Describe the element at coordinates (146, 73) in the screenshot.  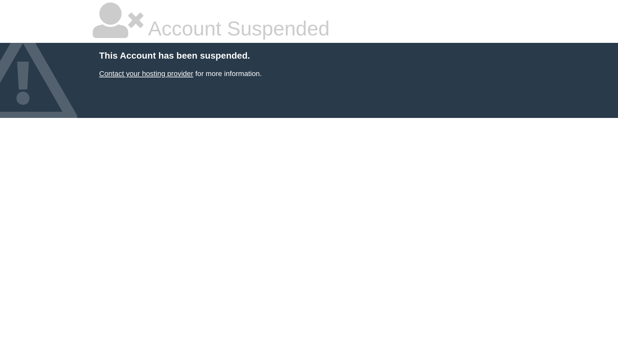
I see `'Contact your hosting provider'` at that location.